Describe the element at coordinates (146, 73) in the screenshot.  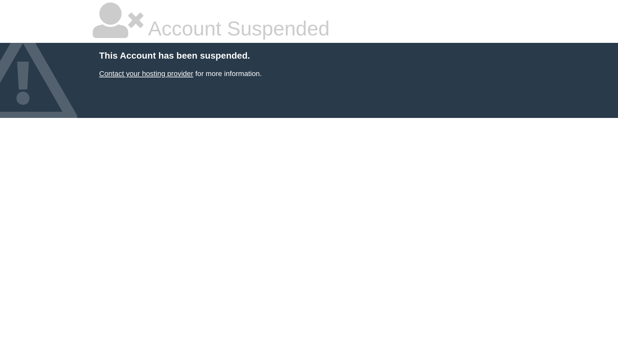
I see `'Contact your hosting provider'` at that location.